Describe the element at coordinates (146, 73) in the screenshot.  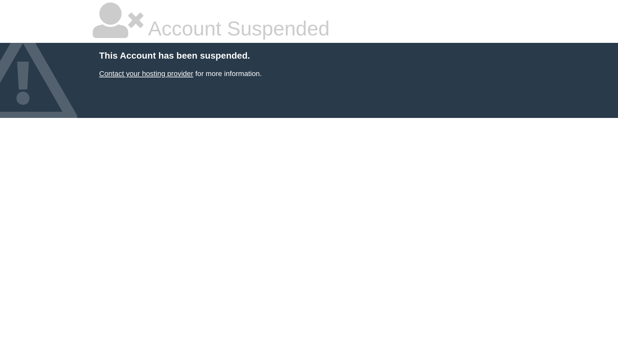
I see `'Contact your hosting provider'` at that location.